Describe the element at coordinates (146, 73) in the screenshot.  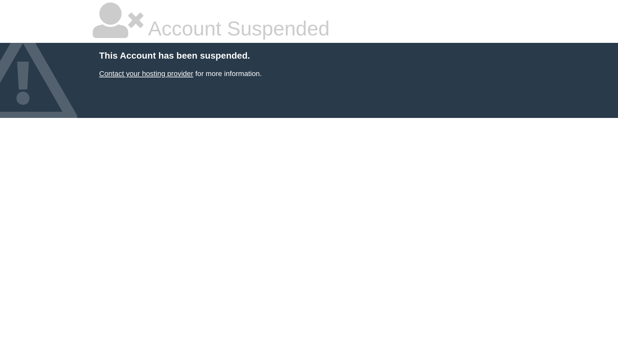
I see `'Contact your hosting provider'` at that location.